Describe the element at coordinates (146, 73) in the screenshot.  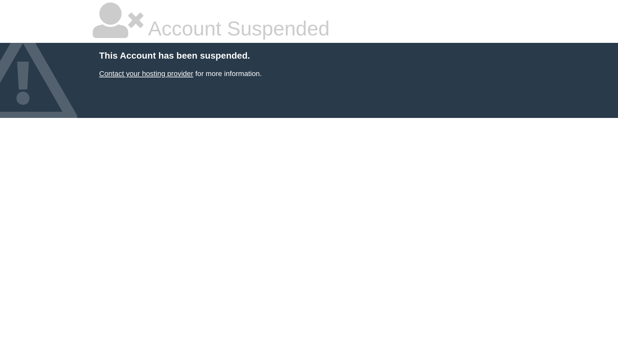
I see `'Contact your hosting provider'` at that location.